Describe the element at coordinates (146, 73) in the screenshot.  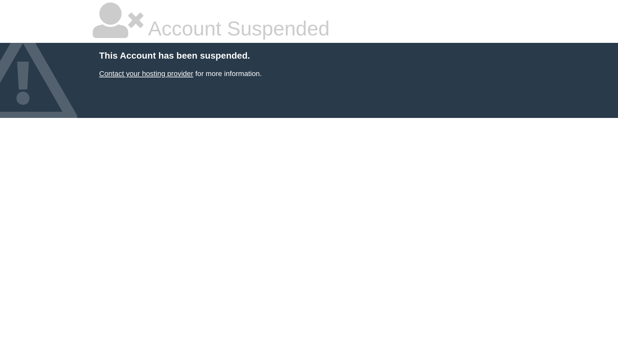
I see `'Contact your hosting provider'` at that location.